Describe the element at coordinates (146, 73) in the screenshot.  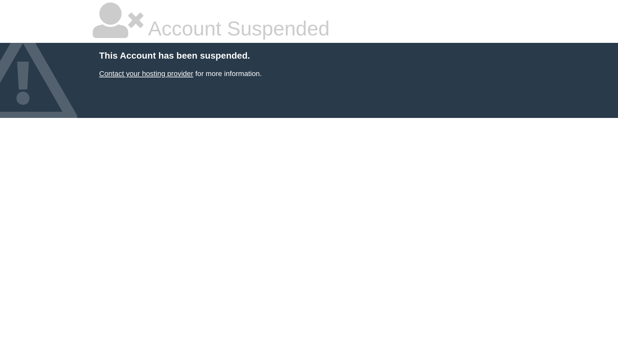
I see `'Contact your hosting provider'` at that location.